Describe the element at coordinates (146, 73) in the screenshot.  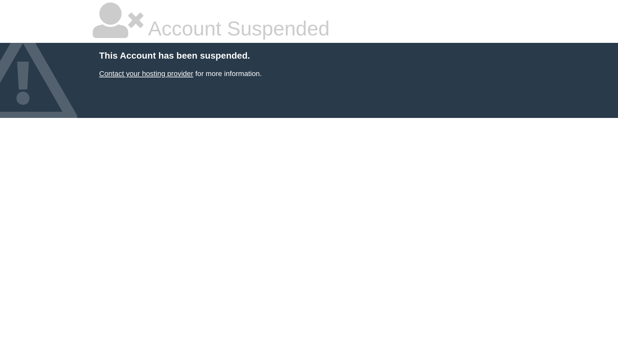
I see `'Contact your hosting provider'` at that location.